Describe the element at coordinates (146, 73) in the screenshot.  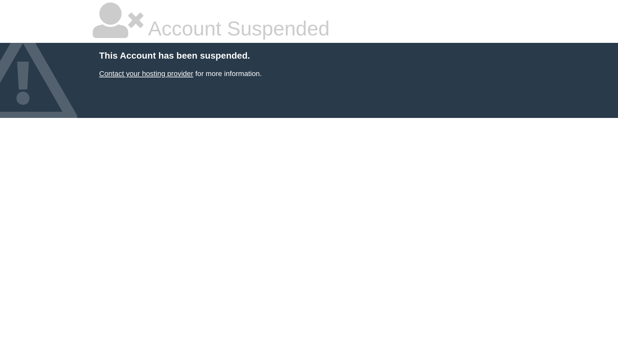
I see `'Contact your hosting provider'` at that location.